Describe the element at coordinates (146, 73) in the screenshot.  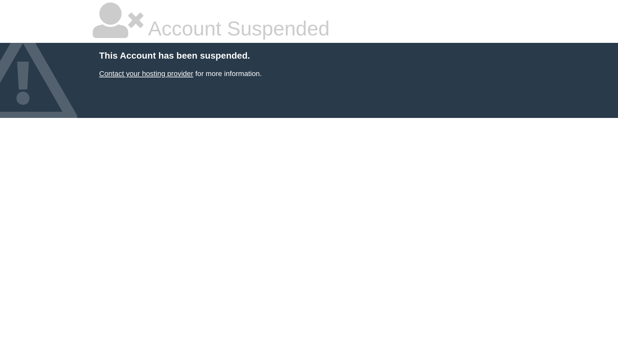
I see `'Contact your hosting provider'` at that location.